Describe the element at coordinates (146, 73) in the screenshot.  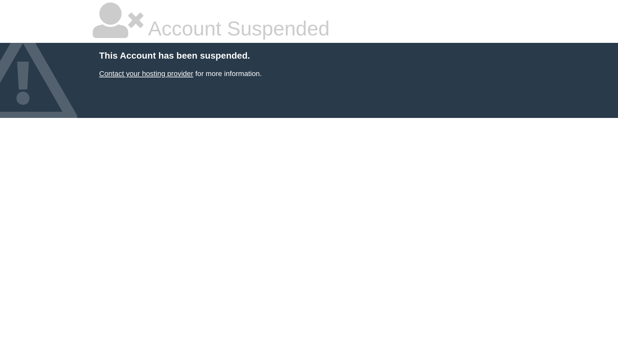
I see `'Contact your hosting provider'` at that location.